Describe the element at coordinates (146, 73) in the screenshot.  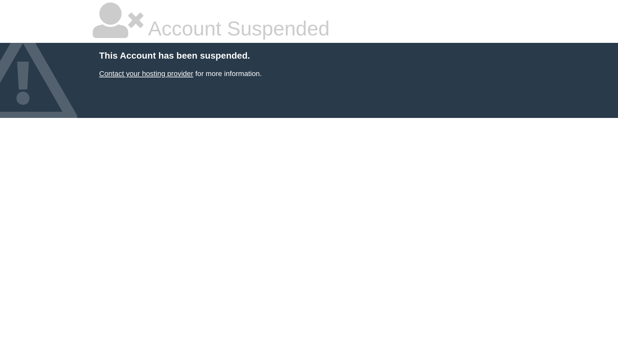
I see `'Contact your hosting provider'` at that location.